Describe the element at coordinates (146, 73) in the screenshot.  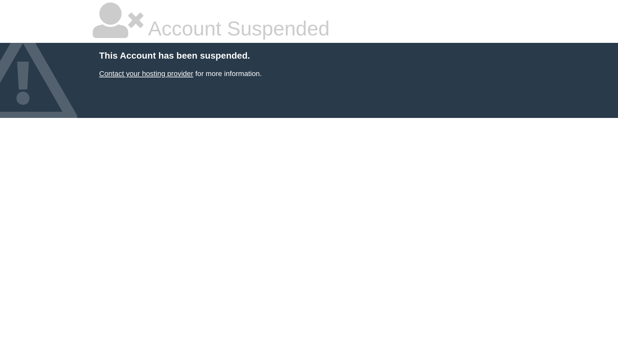
I see `'Contact your hosting provider'` at that location.